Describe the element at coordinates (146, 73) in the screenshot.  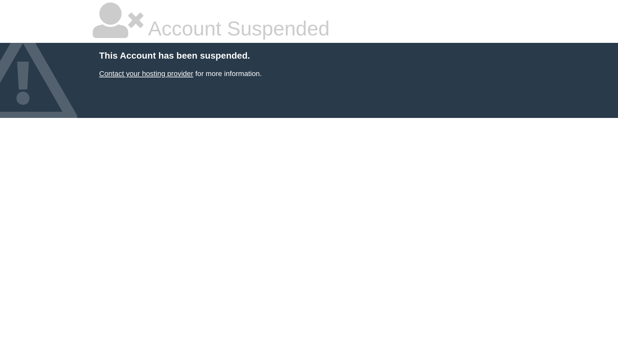
I see `'Contact your hosting provider'` at that location.